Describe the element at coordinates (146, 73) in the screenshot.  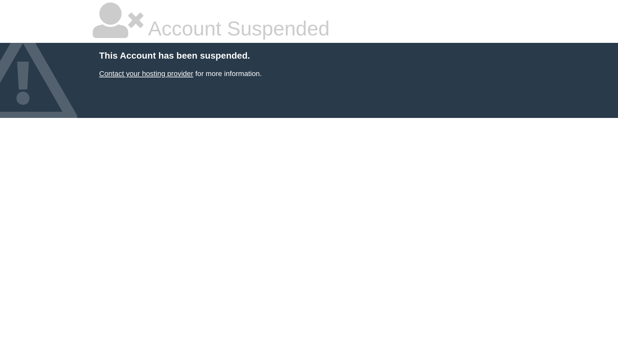
I see `'Contact your hosting provider'` at that location.